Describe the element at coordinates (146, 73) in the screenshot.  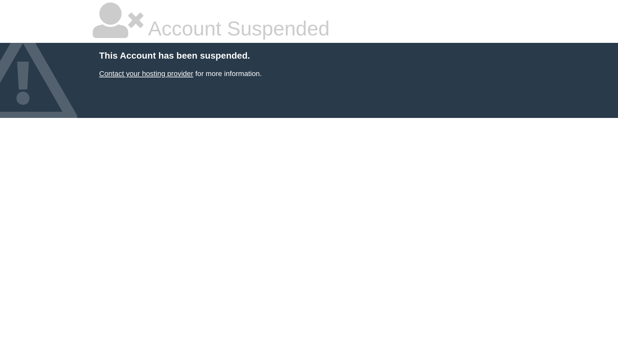
I see `'Contact your hosting provider'` at that location.